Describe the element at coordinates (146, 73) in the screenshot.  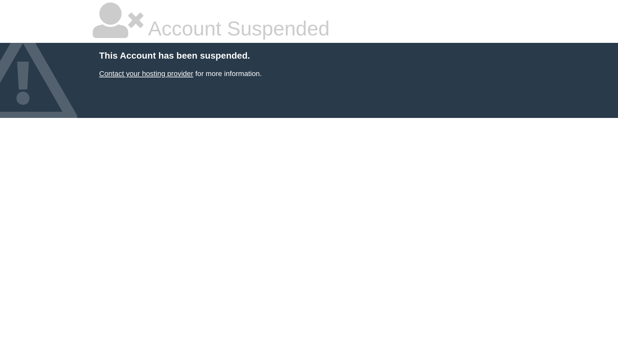
I see `'Contact your hosting provider'` at that location.